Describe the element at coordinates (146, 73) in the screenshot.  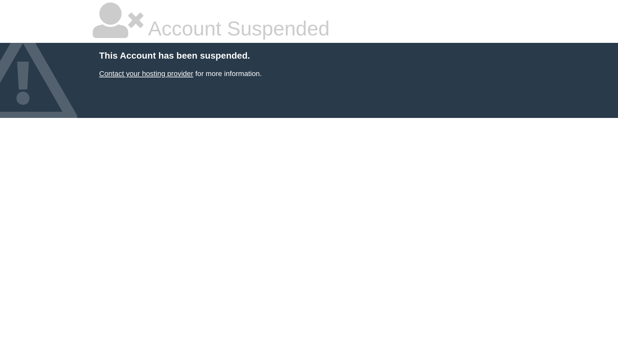
I see `'Contact your hosting provider'` at that location.